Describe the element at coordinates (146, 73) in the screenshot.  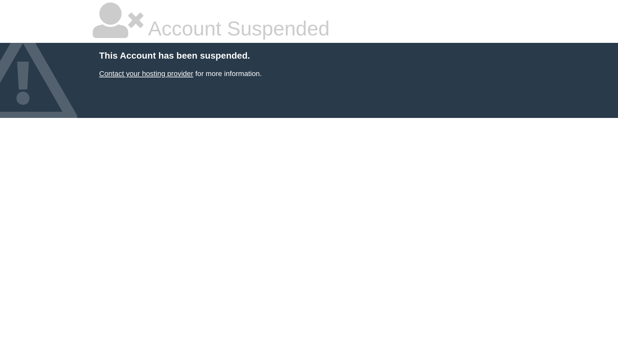
I see `'Contact your hosting provider'` at that location.